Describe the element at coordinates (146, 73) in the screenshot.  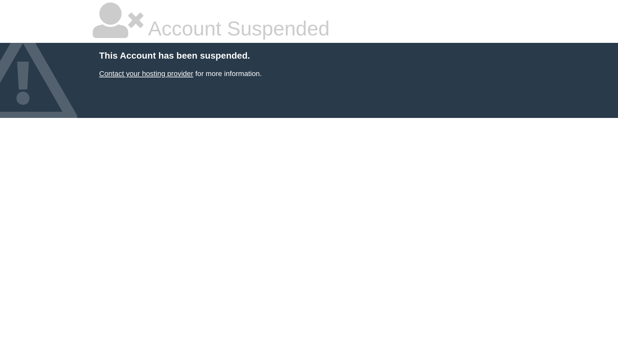
I see `'Contact your hosting provider'` at that location.